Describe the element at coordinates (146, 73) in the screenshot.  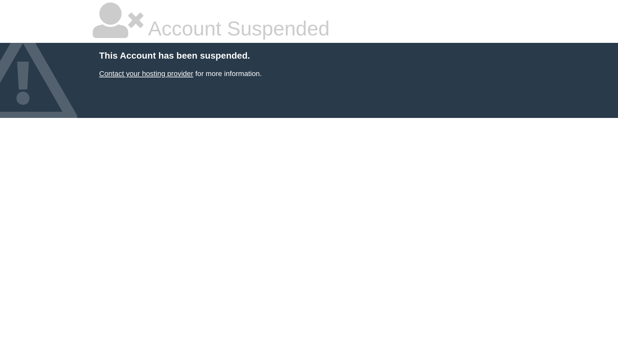
I see `'Contact your hosting provider'` at that location.